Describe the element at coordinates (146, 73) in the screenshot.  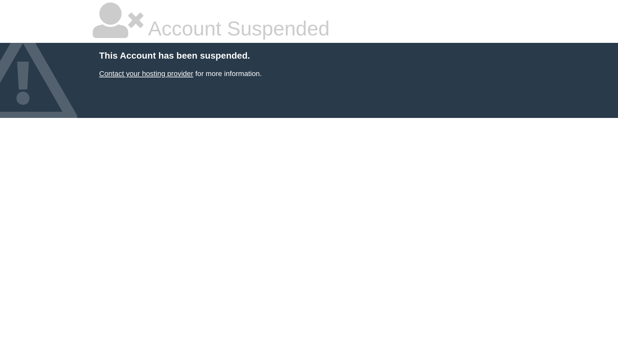
I see `'Contact your hosting provider'` at that location.